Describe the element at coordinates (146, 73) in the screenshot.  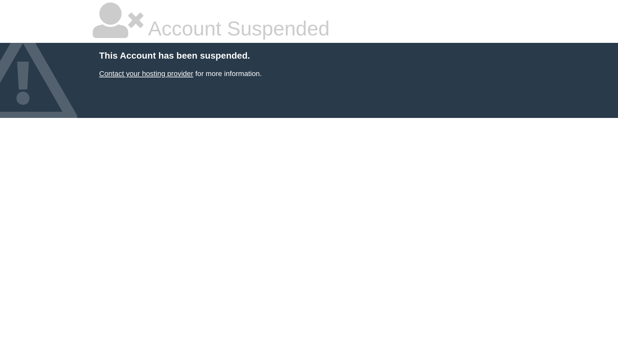
I see `'Contact your hosting provider'` at that location.